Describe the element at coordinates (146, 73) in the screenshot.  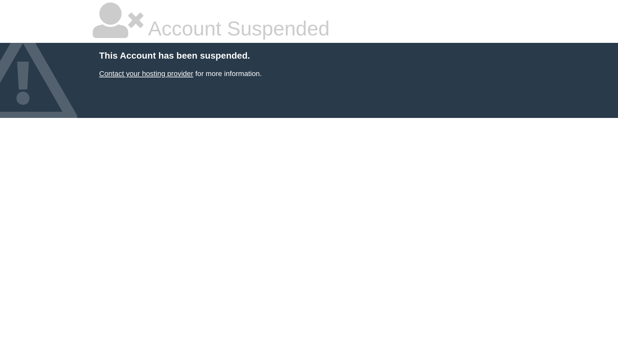
I see `'Contact your hosting provider'` at that location.